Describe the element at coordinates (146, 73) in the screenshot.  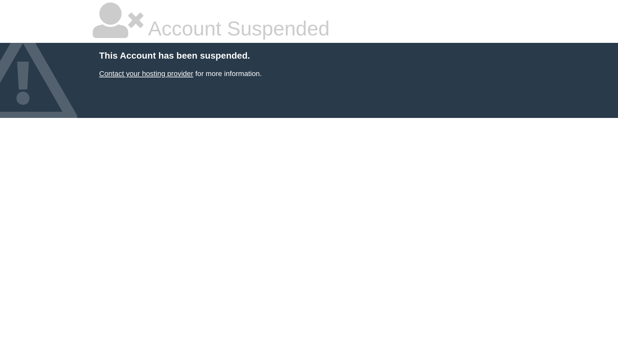
I see `'Contact your hosting provider'` at that location.